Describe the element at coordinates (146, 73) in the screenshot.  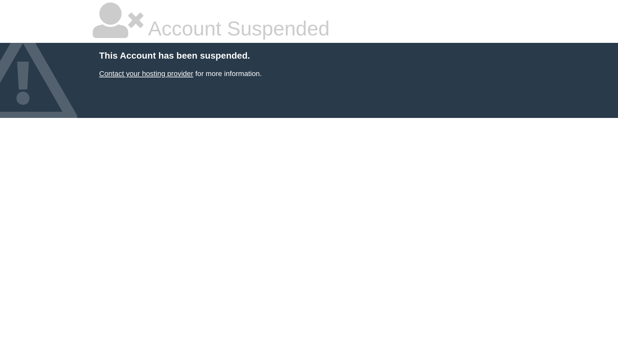
I see `'Contact your hosting provider'` at that location.